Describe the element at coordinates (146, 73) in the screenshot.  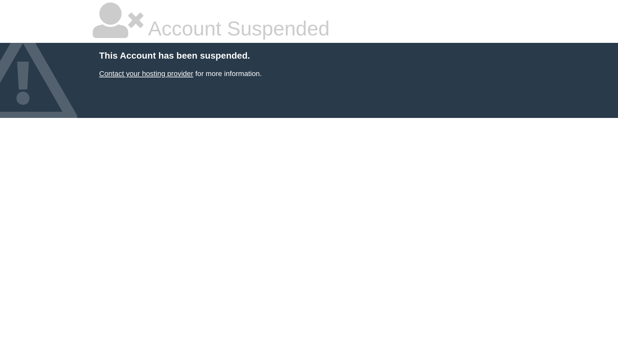
I see `'Contact your hosting provider'` at that location.